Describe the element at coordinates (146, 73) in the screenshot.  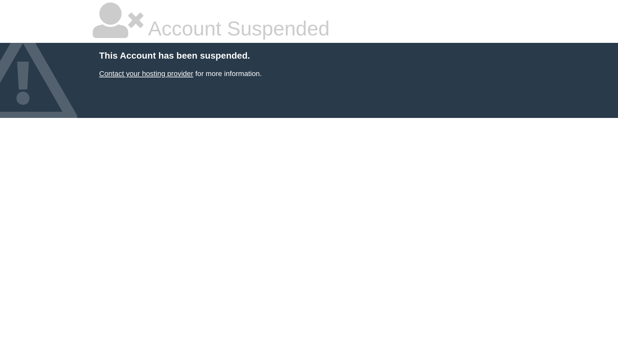
I see `'Contact your hosting provider'` at that location.